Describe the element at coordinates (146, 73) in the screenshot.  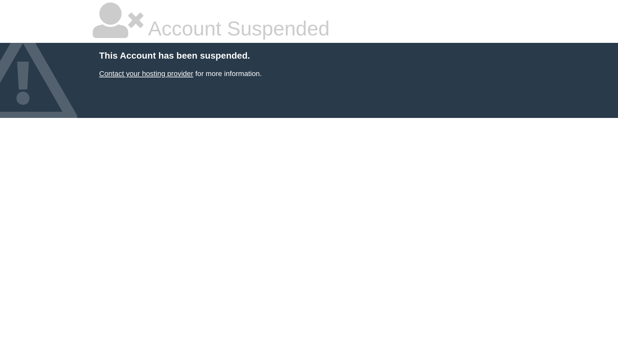
I see `'Contact your hosting provider'` at that location.